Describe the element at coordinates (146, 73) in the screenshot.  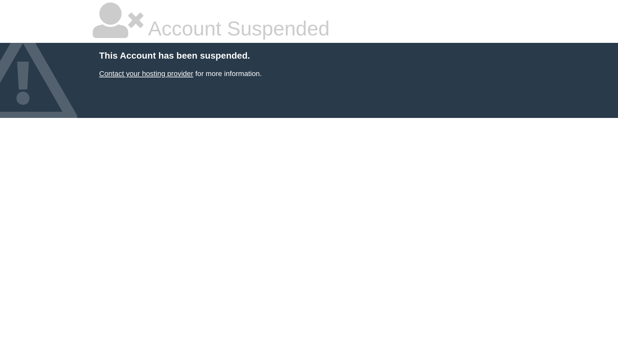
I see `'Contact your hosting provider'` at that location.